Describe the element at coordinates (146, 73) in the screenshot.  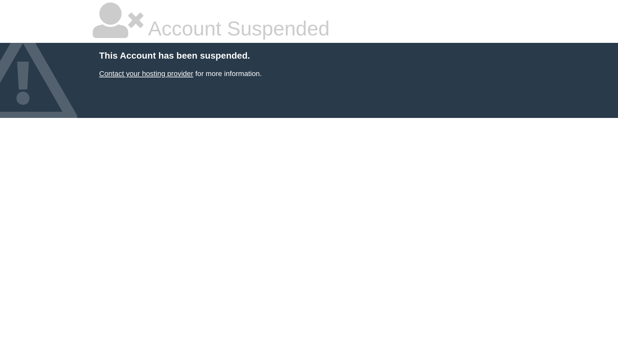
I see `'Contact your hosting provider'` at that location.